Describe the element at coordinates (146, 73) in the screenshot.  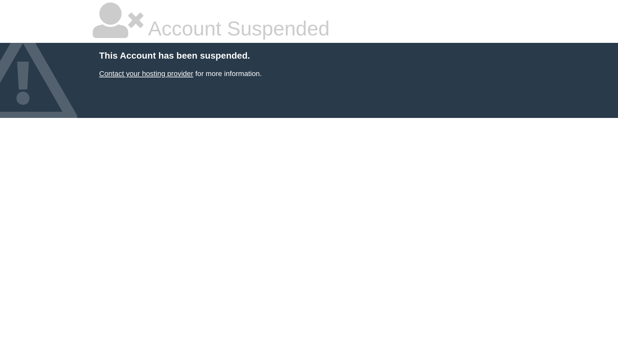
I see `'Contact your hosting provider'` at that location.